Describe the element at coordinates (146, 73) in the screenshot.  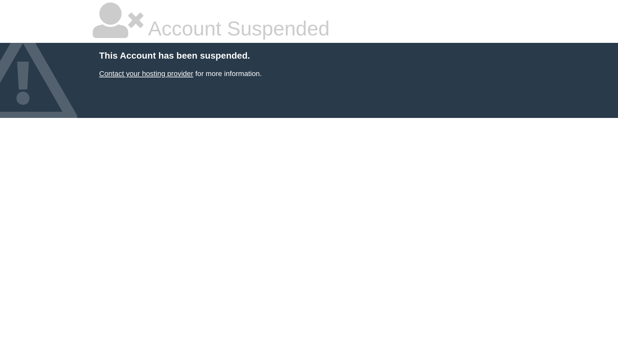
I see `'Contact your hosting provider'` at that location.